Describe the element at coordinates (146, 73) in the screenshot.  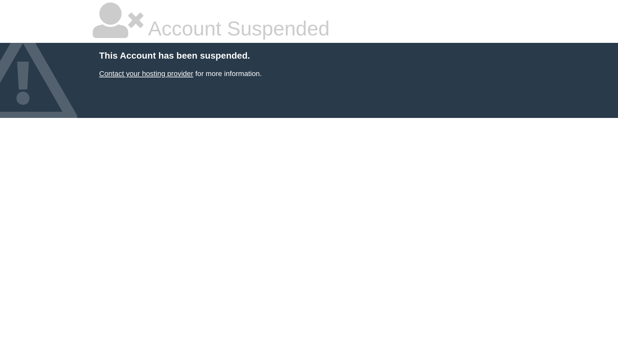
I see `'Contact your hosting provider'` at that location.